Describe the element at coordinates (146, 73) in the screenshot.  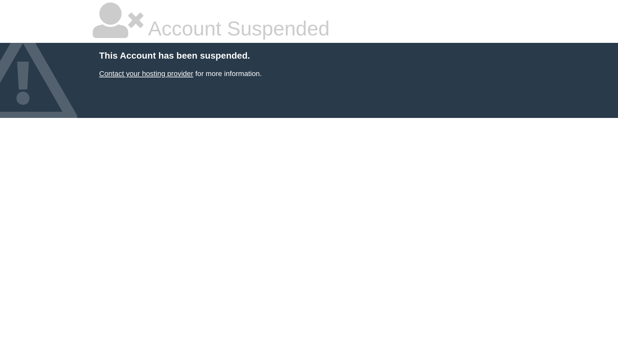
I see `'Contact your hosting provider'` at that location.